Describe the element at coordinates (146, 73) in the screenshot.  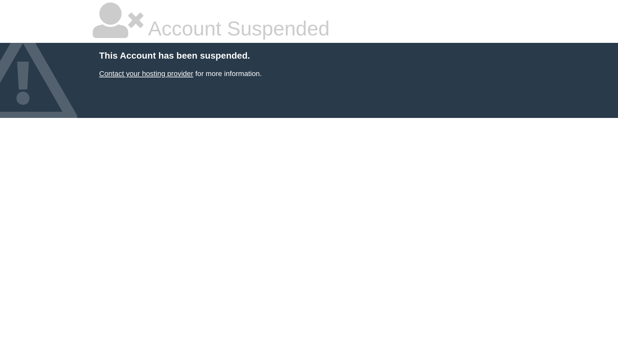
I see `'Contact your hosting provider'` at that location.